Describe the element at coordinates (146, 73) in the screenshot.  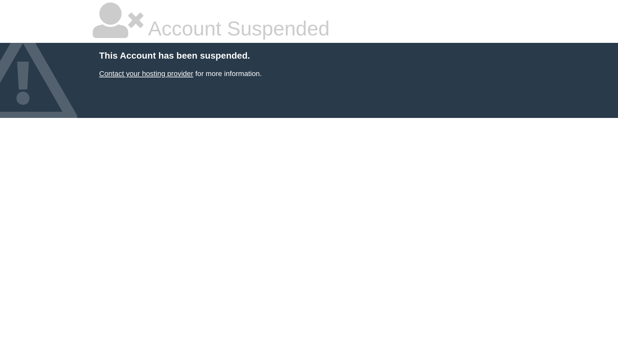
I see `'Contact your hosting provider'` at that location.